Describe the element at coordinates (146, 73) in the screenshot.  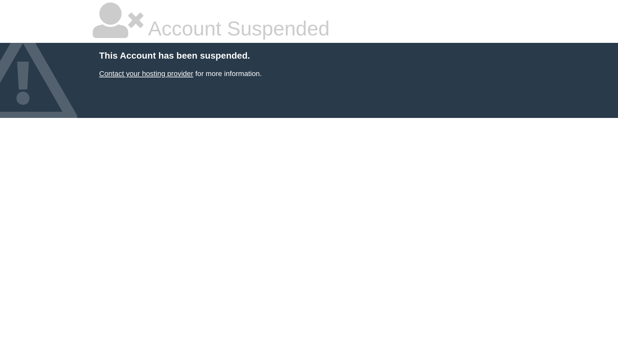
I see `'Contact your hosting provider'` at that location.